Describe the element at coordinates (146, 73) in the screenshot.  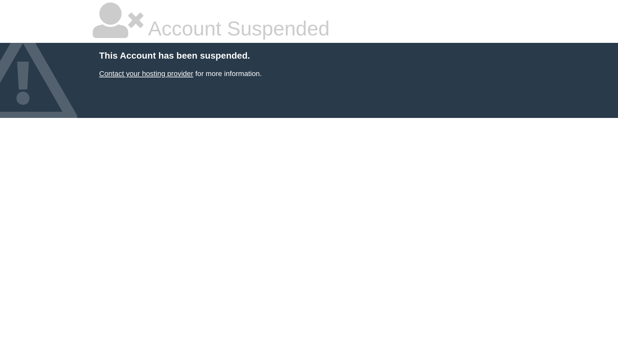
I see `'Contact your hosting provider'` at that location.